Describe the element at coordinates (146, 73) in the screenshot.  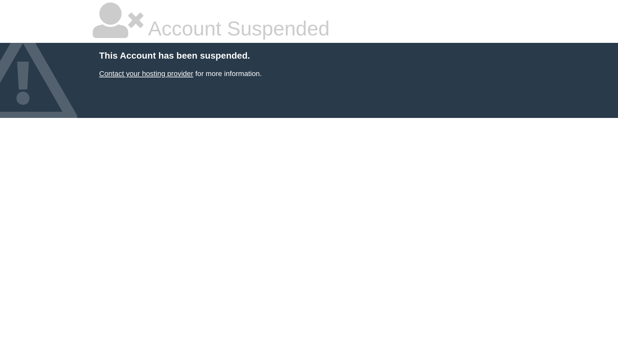
I see `'Contact your hosting provider'` at that location.